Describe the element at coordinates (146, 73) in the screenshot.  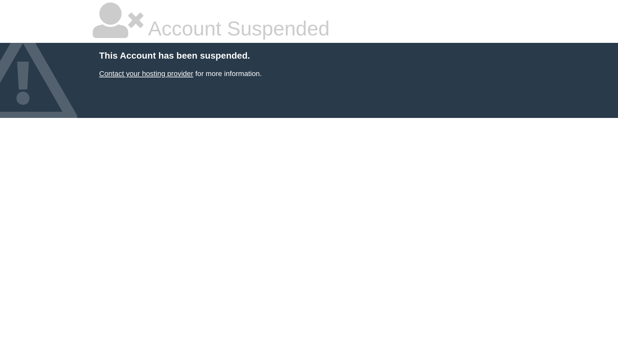
I see `'Contact your hosting provider'` at that location.